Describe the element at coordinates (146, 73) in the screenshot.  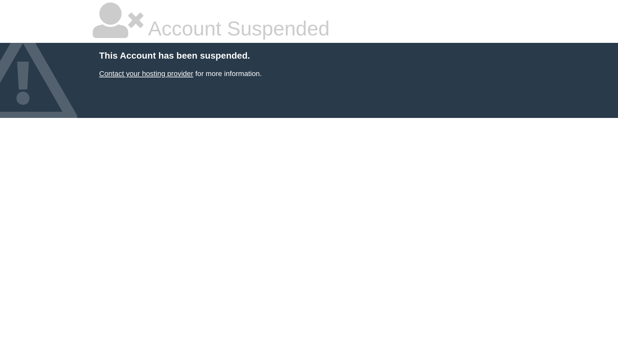
I see `'Contact your hosting provider'` at that location.